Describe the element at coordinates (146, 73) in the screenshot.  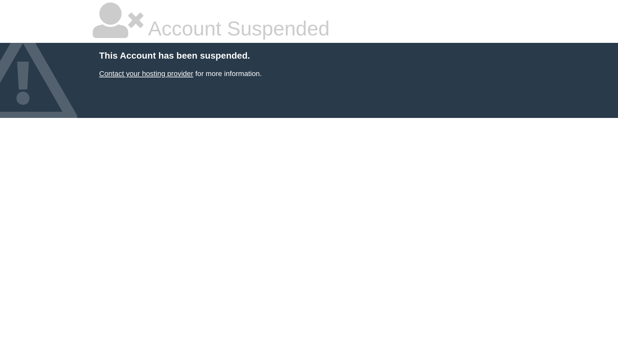
I see `'Contact your hosting provider'` at that location.